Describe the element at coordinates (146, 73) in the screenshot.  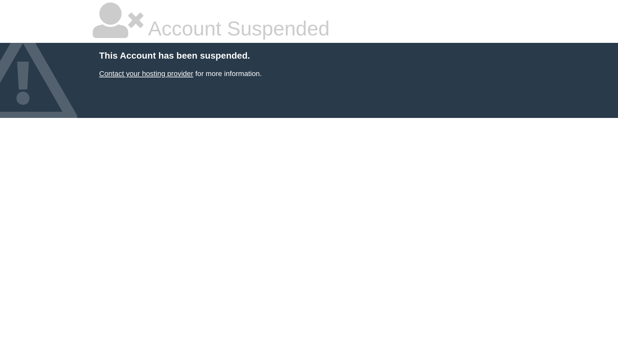
I see `'Contact your hosting provider'` at that location.